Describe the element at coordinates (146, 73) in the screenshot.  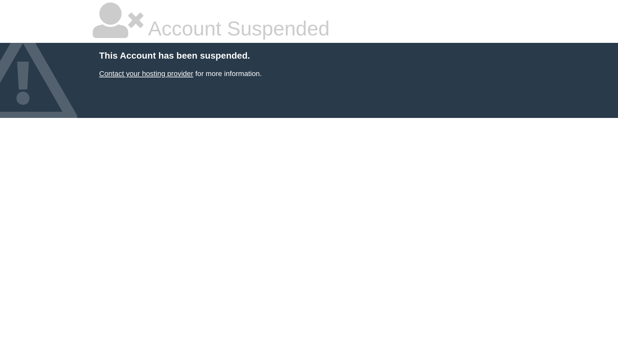
I see `'Contact your hosting provider'` at that location.